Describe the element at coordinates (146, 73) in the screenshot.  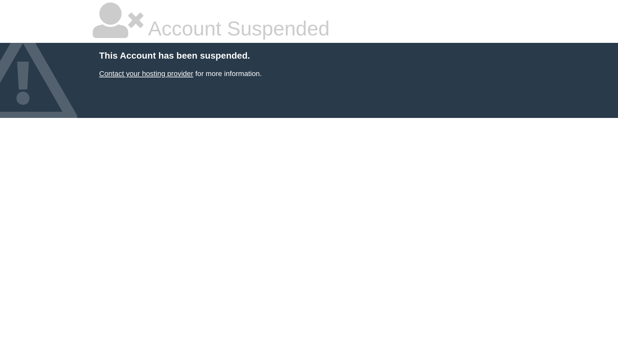
I see `'Contact your hosting provider'` at that location.